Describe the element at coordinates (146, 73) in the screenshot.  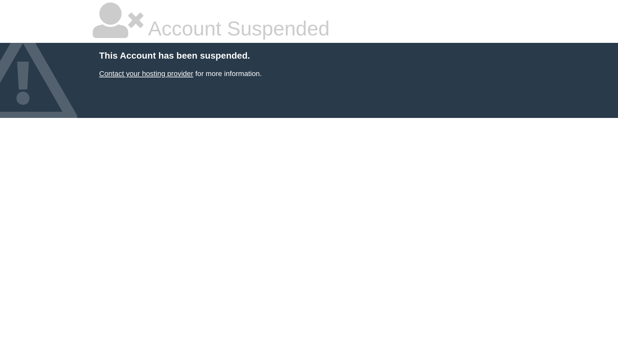
I see `'Contact your hosting provider'` at that location.